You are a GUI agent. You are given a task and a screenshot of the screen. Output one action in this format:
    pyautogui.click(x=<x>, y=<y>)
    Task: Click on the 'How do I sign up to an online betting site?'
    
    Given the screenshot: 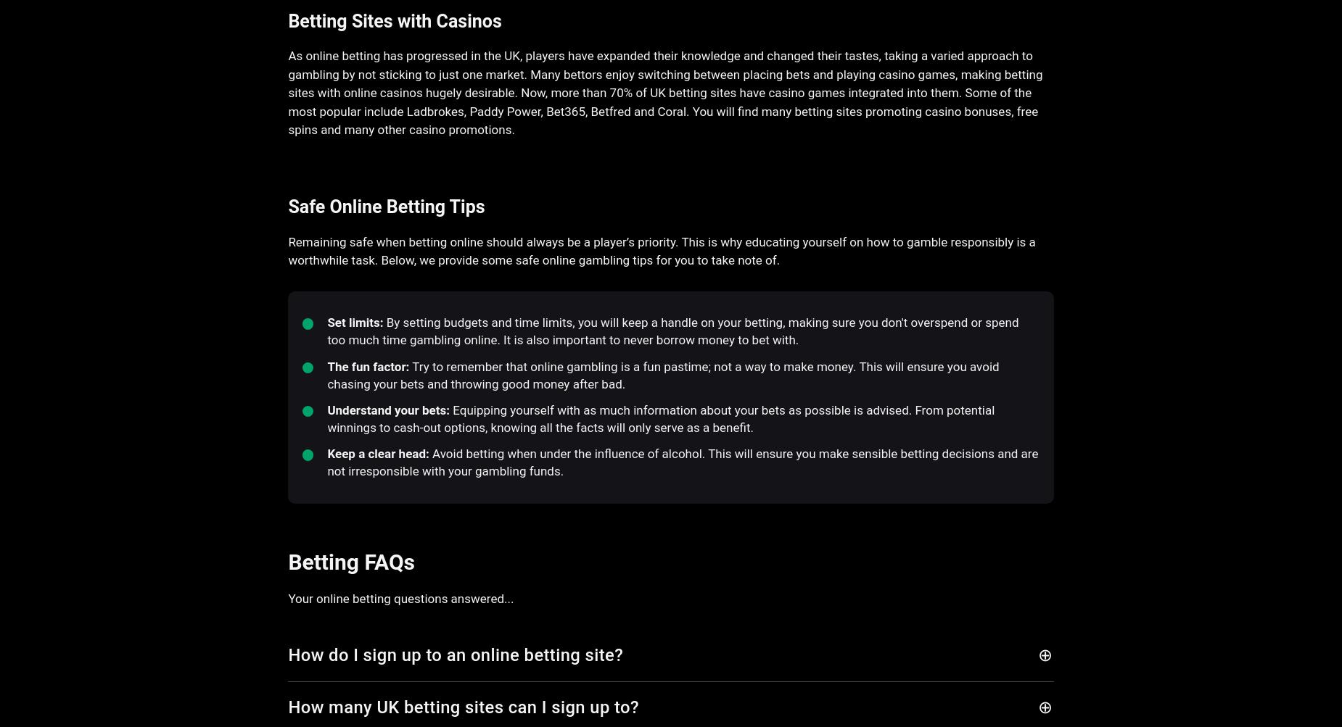 What is the action you would take?
    pyautogui.click(x=287, y=655)
    